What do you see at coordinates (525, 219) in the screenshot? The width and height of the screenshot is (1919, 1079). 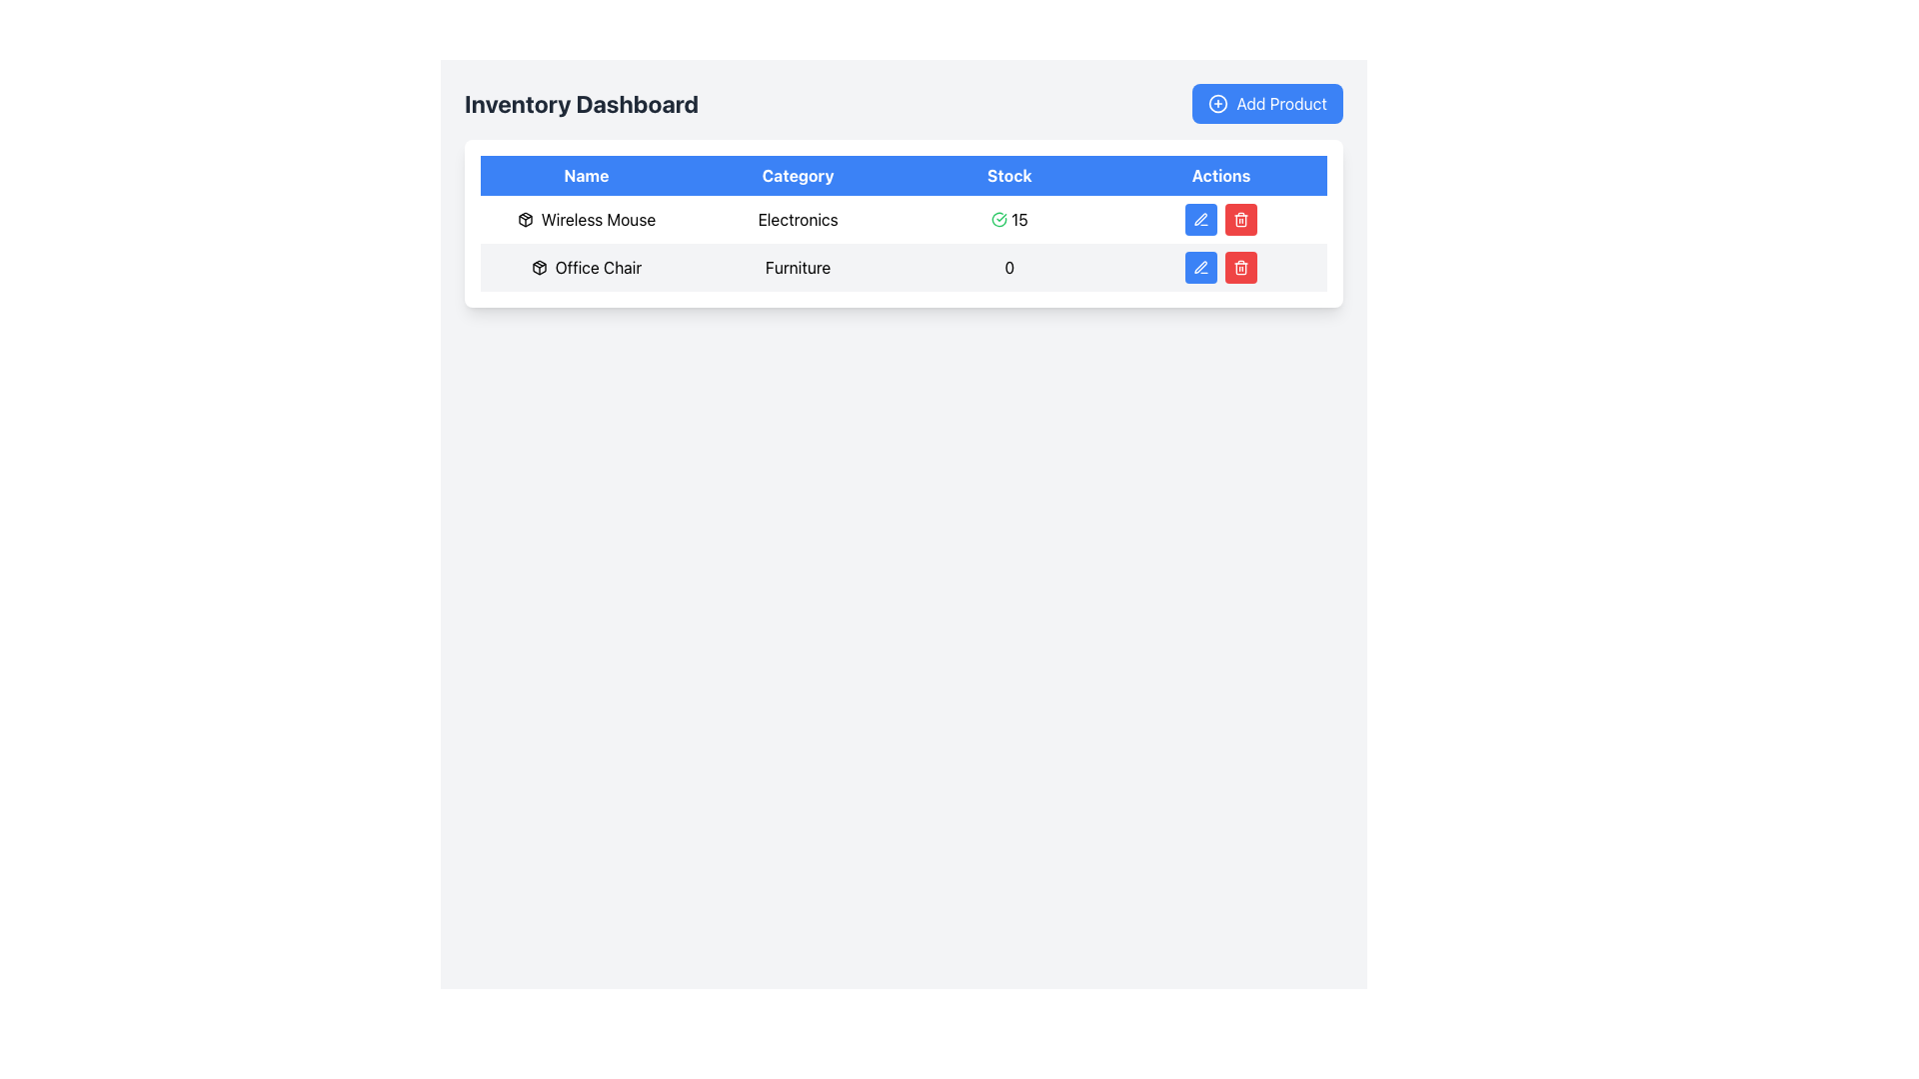 I see `the package icon adjacent to the text 'Wireless Mouse' in the first row of the table under the 'Name' column` at bounding box center [525, 219].